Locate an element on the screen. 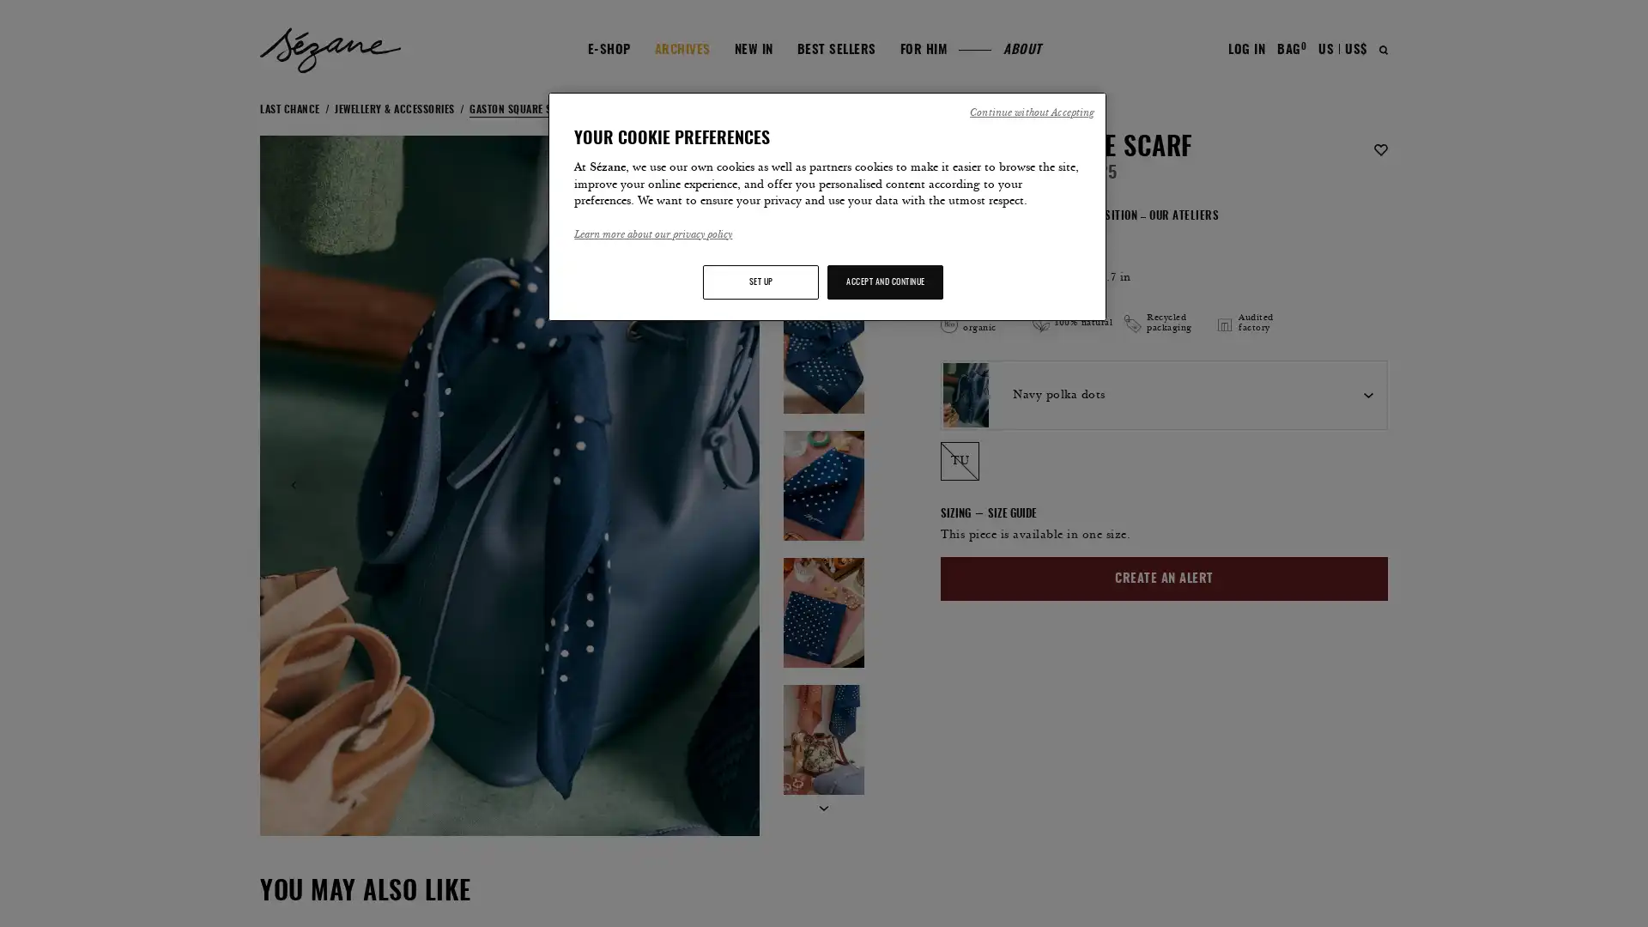 This screenshot has height=927, width=1648. front.slider.next_slide is located at coordinates (822, 808).